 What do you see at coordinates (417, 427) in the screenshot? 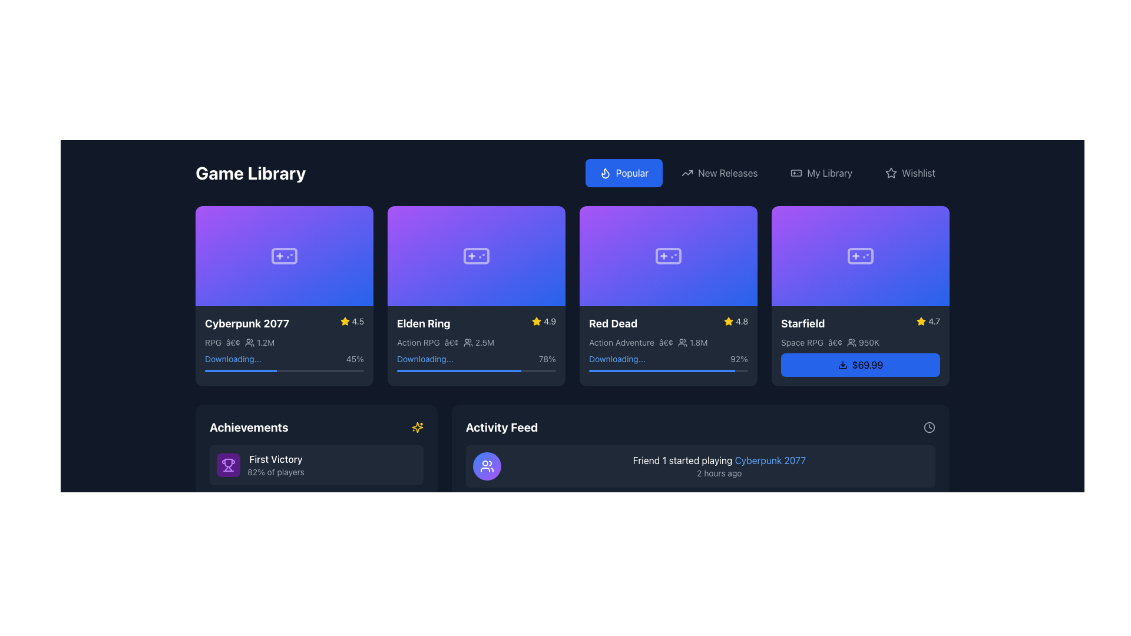
I see `the decorative graphic icon located at the far-right of the 'Achievements' section, enhancing the design by symbolizing milestones or rewards` at bounding box center [417, 427].